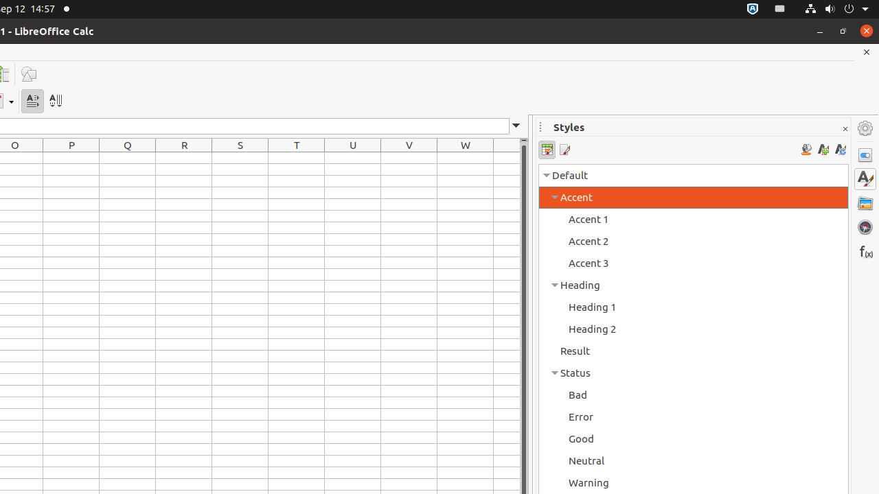 The width and height of the screenshot is (879, 494). What do you see at coordinates (546, 150) in the screenshot?
I see `'Cell Styles'` at bounding box center [546, 150].